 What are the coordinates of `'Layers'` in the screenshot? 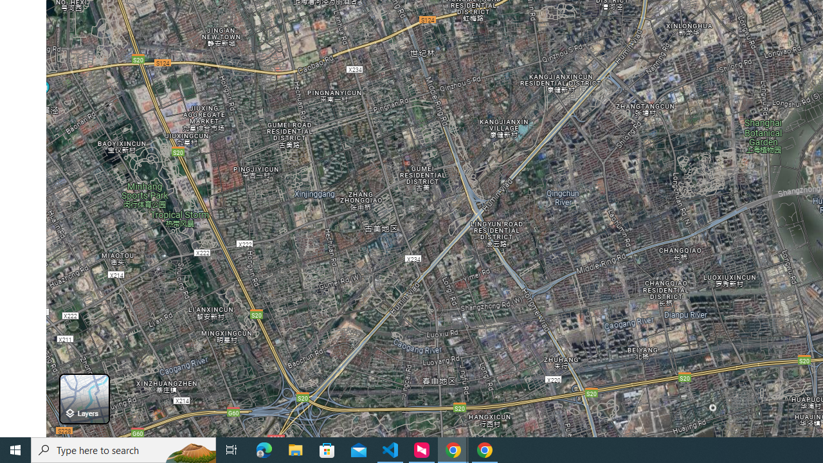 It's located at (84, 398).